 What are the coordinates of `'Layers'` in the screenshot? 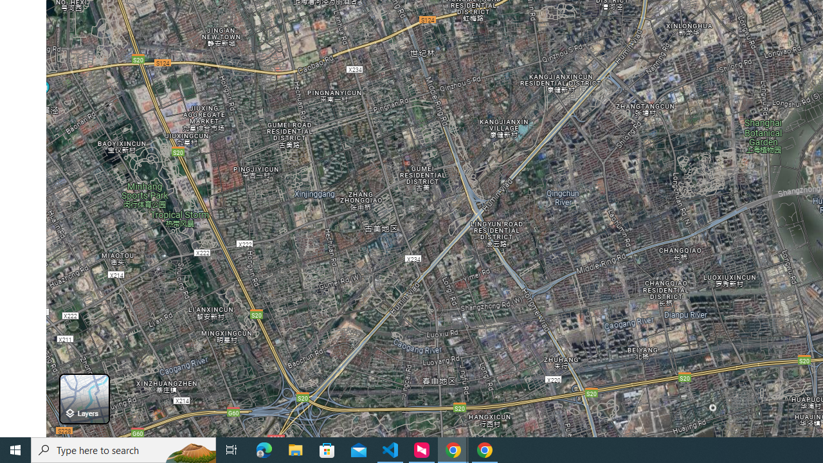 It's located at (84, 398).